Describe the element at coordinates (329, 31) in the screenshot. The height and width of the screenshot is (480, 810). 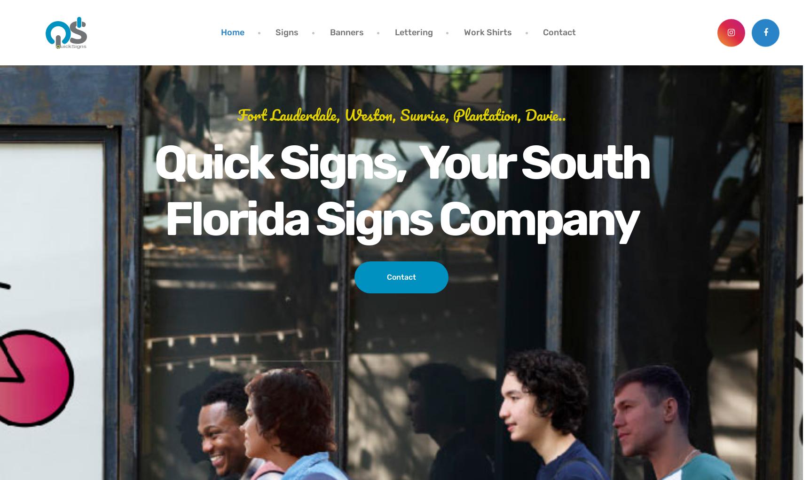
I see `'Banners'` at that location.